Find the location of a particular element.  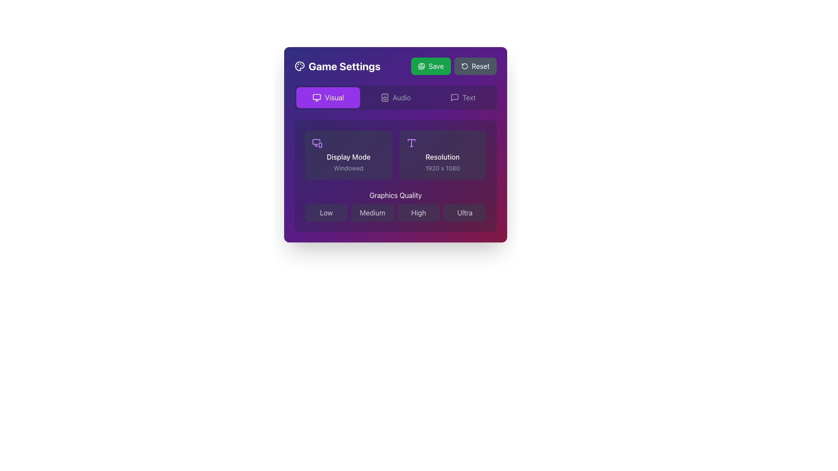

the last button in the horizontal layout of the main settings panel is located at coordinates (462, 97).